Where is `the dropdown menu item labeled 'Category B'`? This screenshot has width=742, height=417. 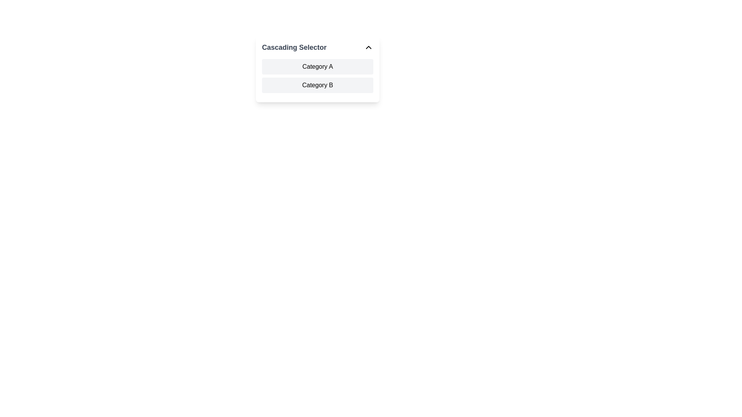
the dropdown menu item labeled 'Category B' is located at coordinates (317, 85).